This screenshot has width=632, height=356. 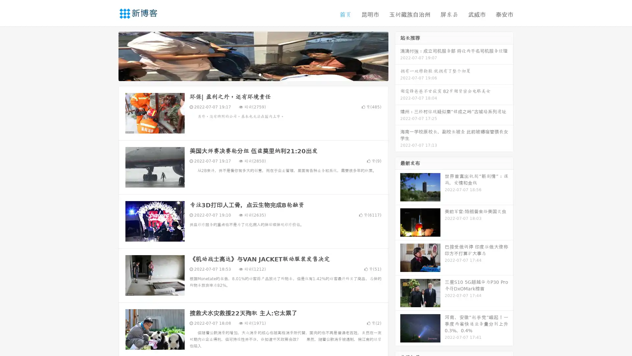 I want to click on Previous slide, so click(x=109, y=55).